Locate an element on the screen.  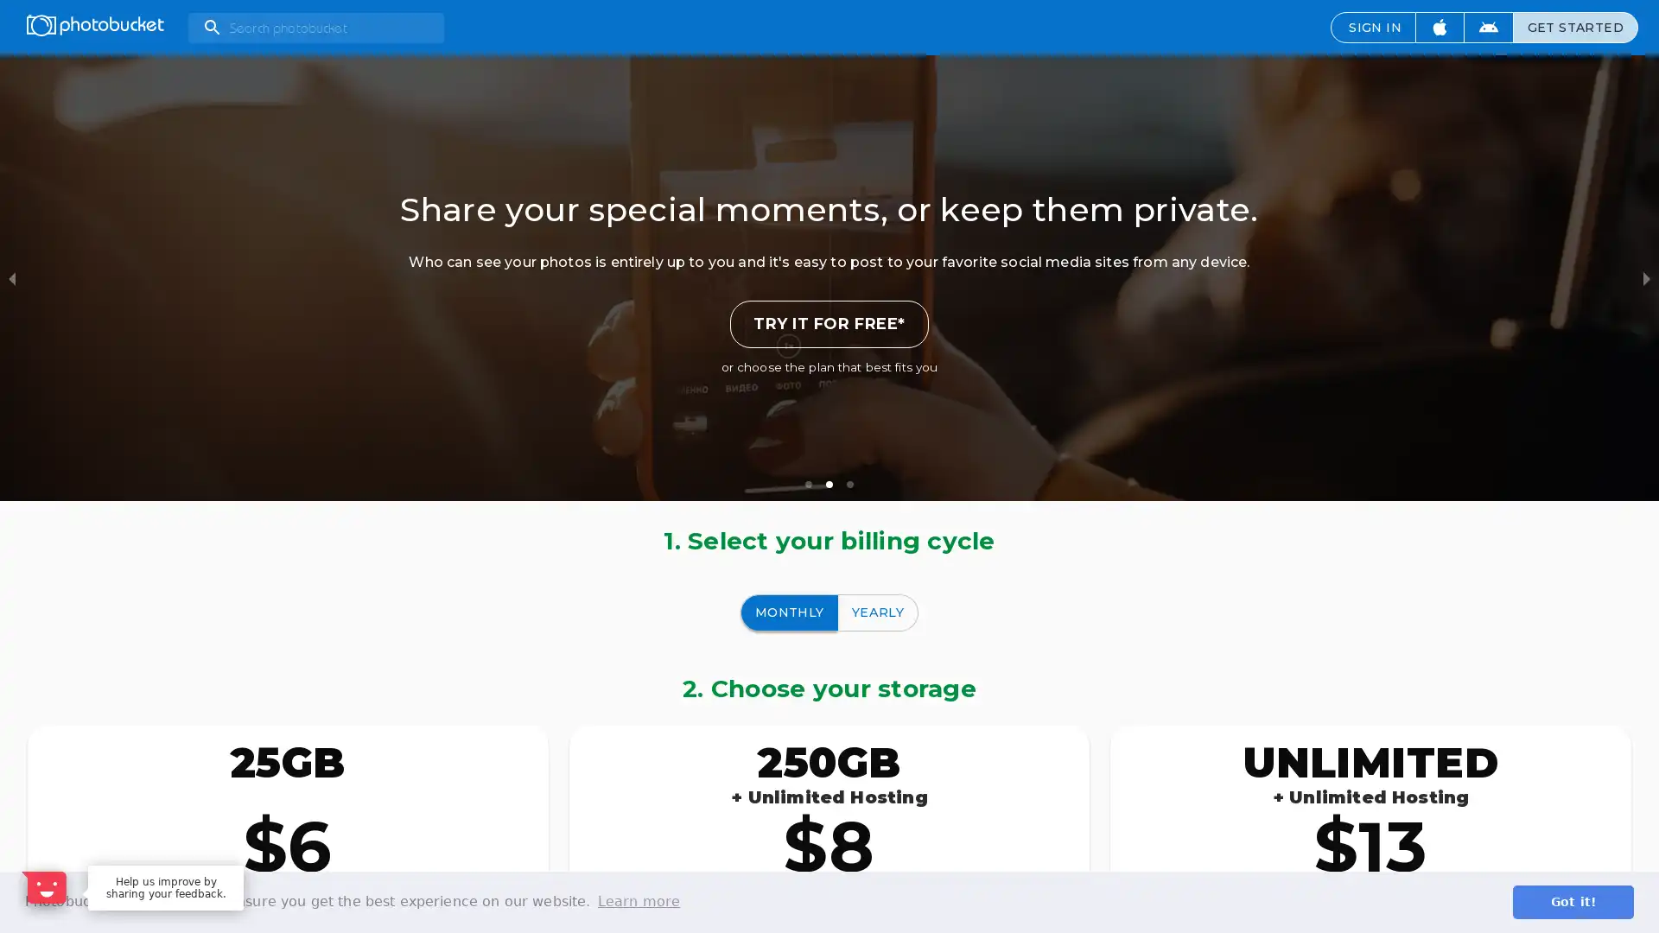
Open is located at coordinates (44, 886).